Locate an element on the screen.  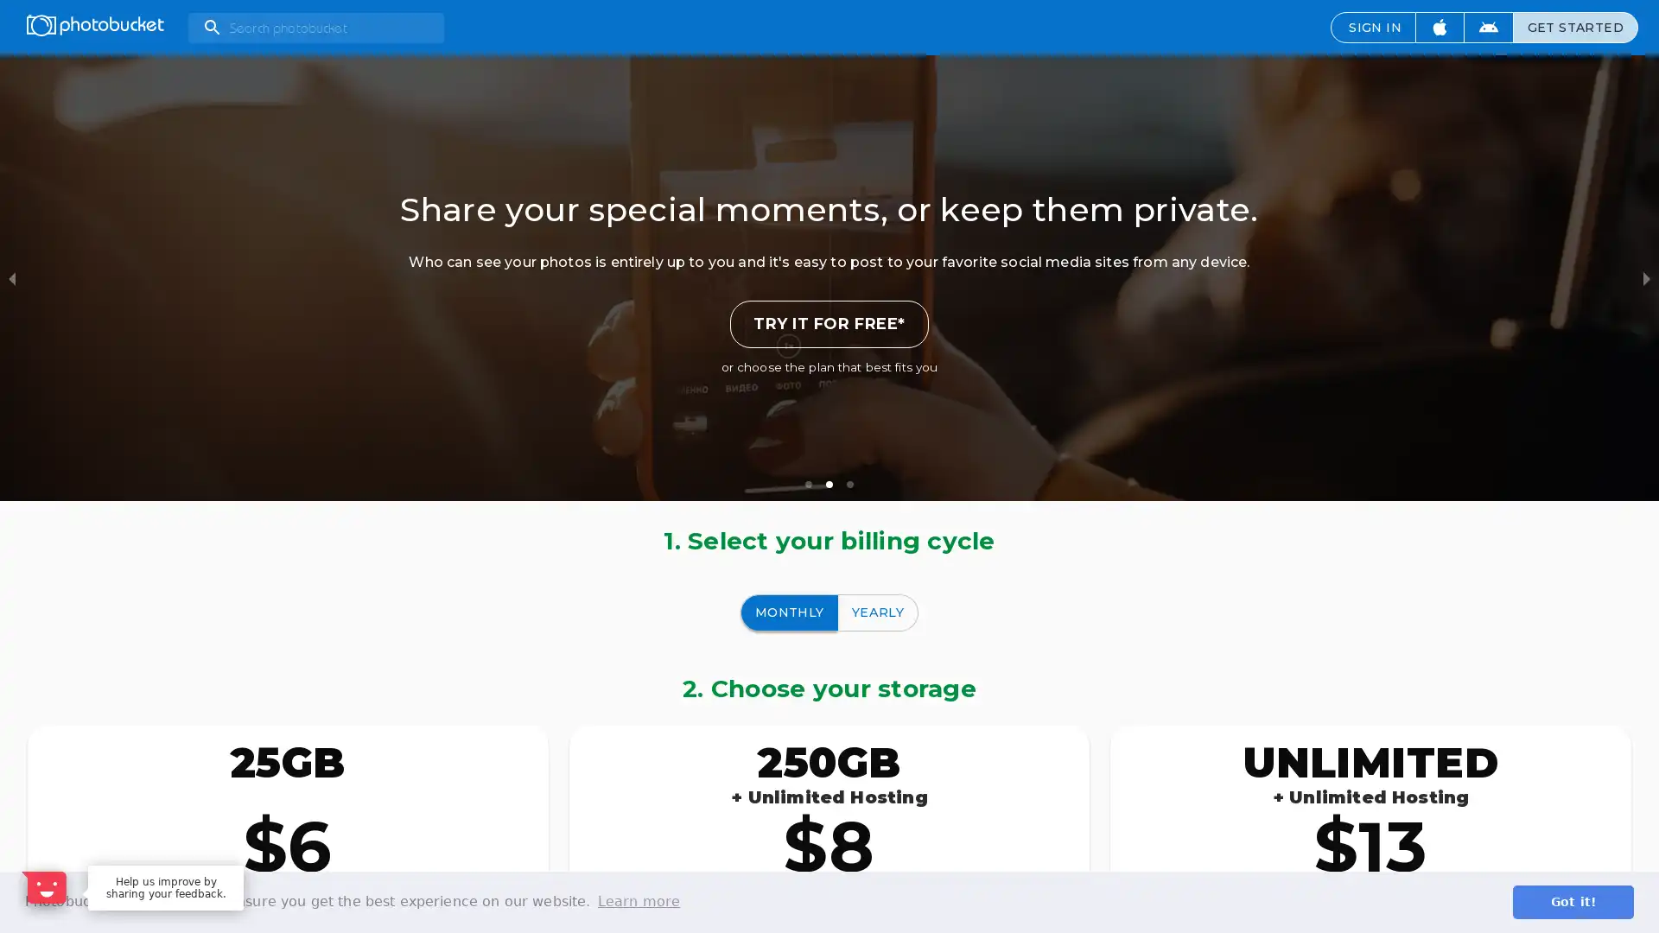
Open is located at coordinates (44, 886).